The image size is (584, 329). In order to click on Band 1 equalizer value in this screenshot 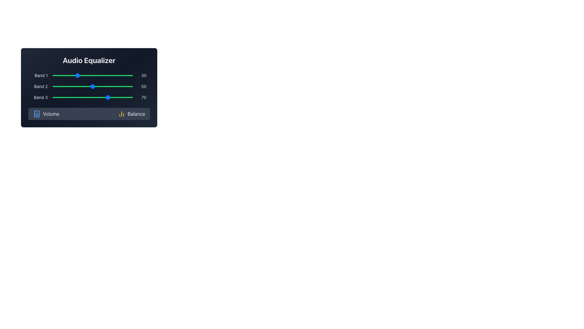, I will do `click(97, 75)`.